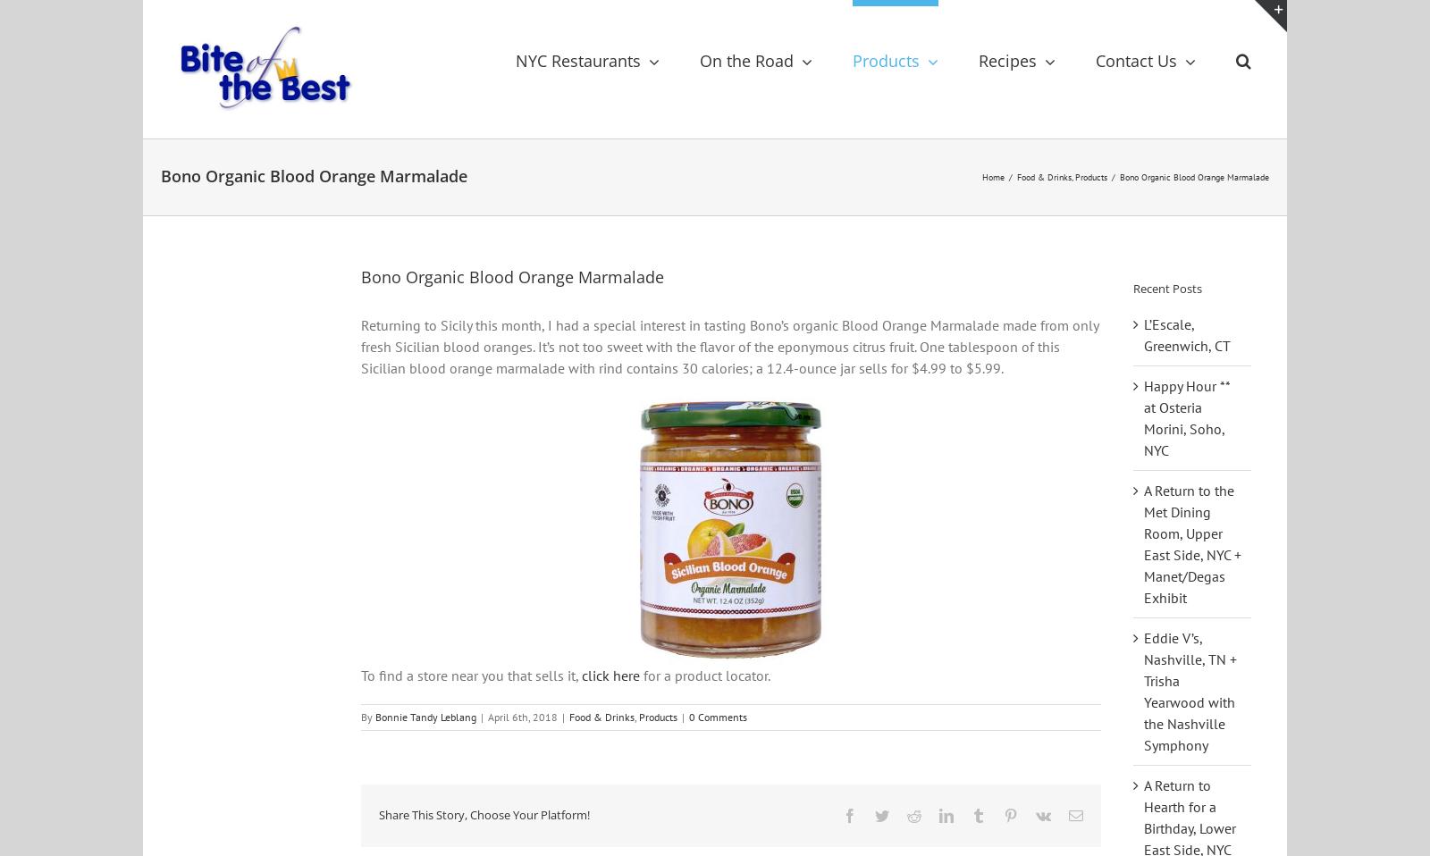 Image resolution: width=1430 pixels, height=856 pixels. Describe the element at coordinates (367, 727) in the screenshot. I see `'By'` at that location.